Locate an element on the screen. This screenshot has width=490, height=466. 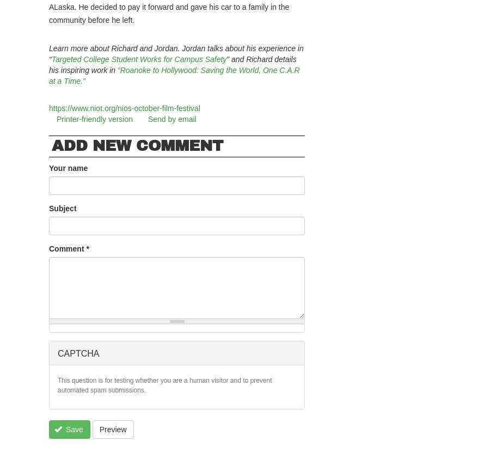
'Learn more about Richard and Jordan. Jordan talks about his experience in “' is located at coordinates (175, 53).